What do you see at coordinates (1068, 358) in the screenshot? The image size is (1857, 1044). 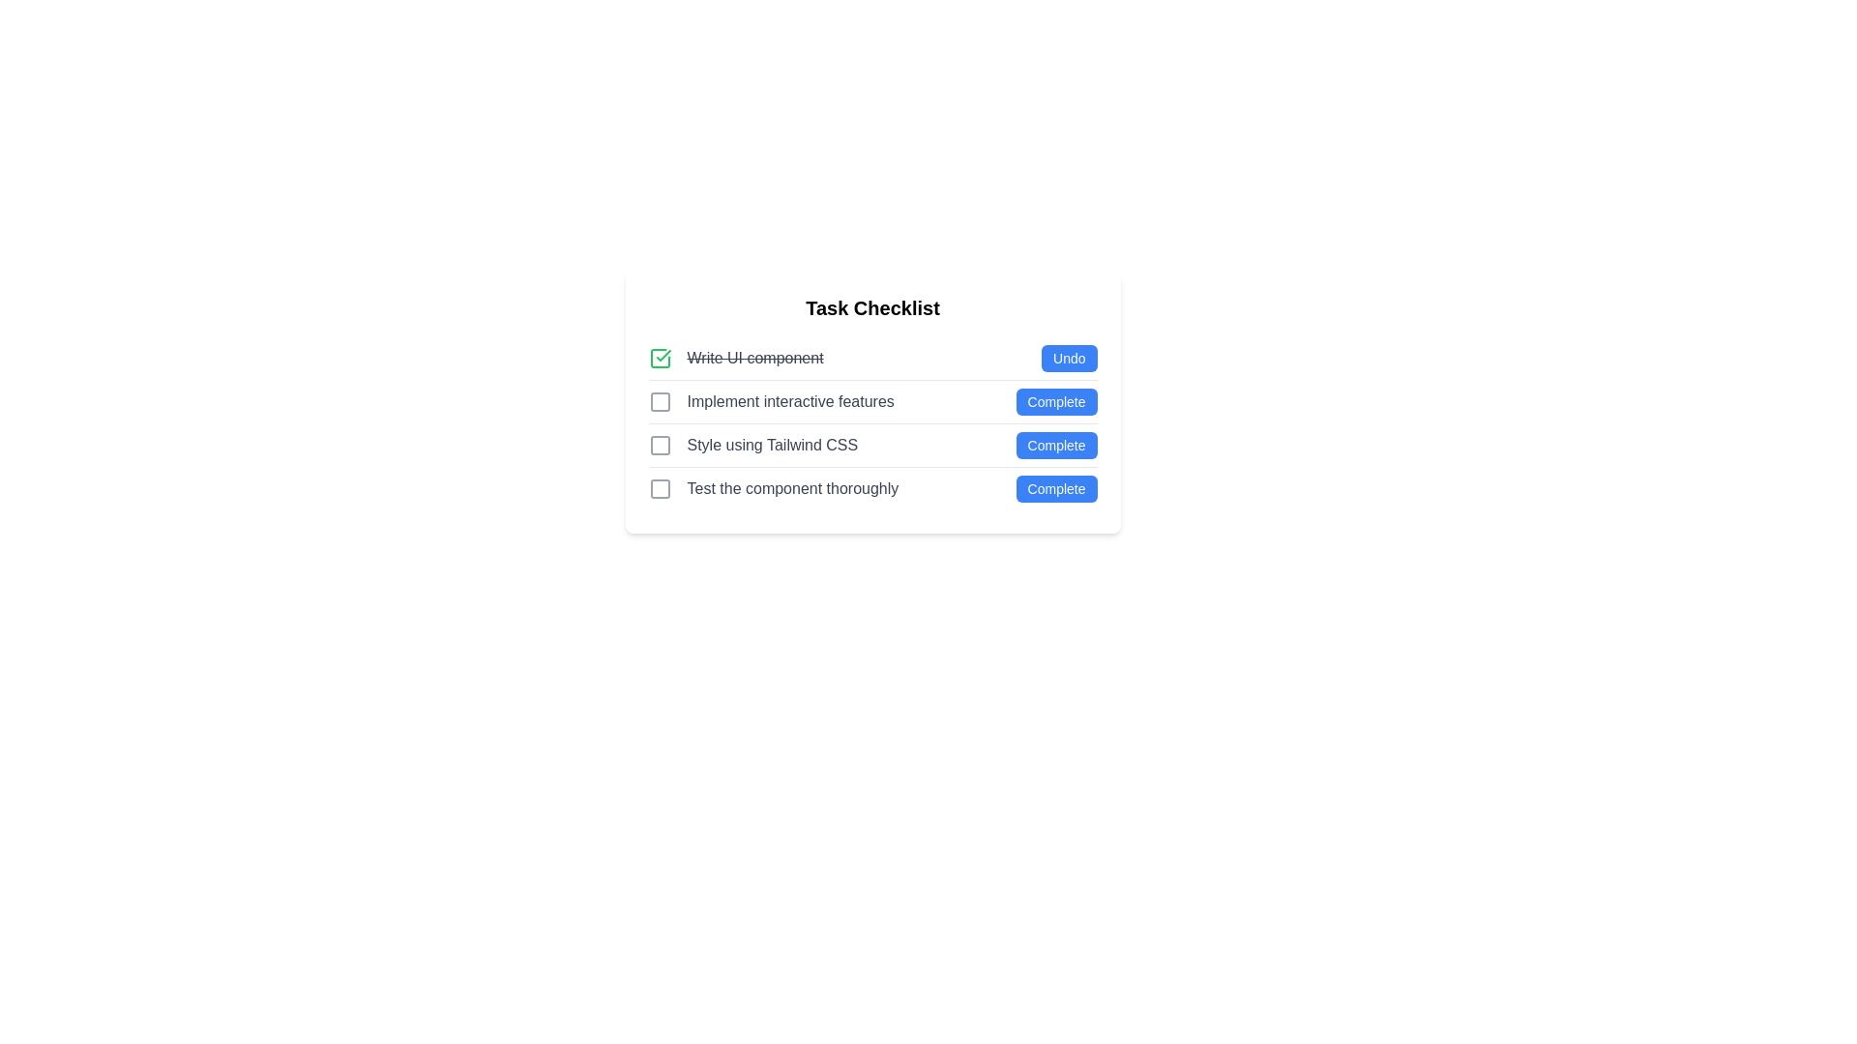 I see `the undo button located in the first row of the checklist, adjacent to the strikethrough text 'Write UI component'` at bounding box center [1068, 358].